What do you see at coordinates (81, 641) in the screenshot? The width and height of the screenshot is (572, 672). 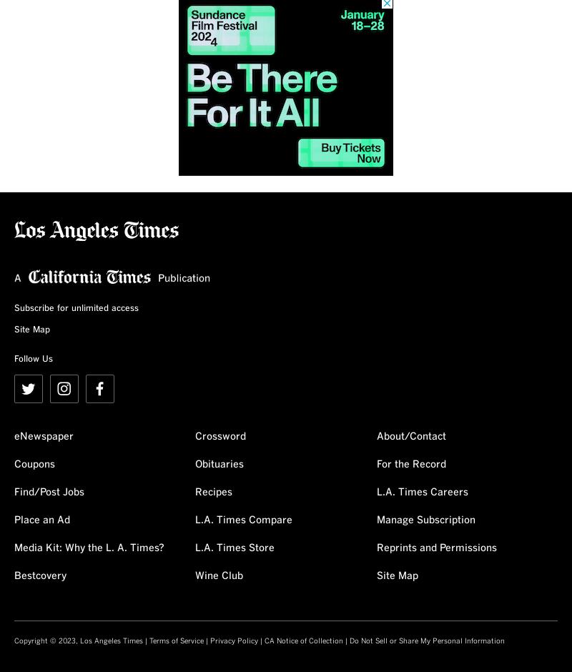 I see `'Copyright © 2023, Los Angeles Times |'` at bounding box center [81, 641].